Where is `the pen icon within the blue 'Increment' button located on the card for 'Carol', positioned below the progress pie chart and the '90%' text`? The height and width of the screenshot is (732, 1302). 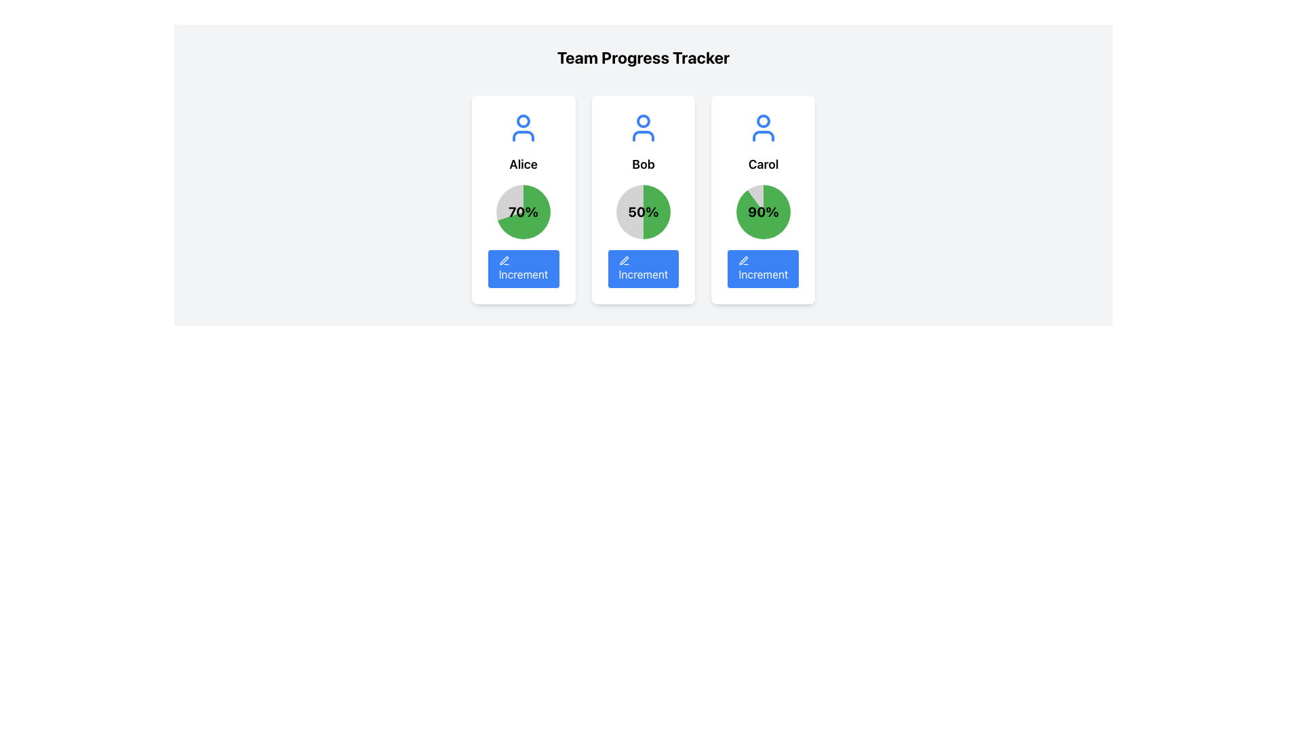 the pen icon within the blue 'Increment' button located on the card for 'Carol', positioned below the progress pie chart and the '90%' text is located at coordinates (743, 260).